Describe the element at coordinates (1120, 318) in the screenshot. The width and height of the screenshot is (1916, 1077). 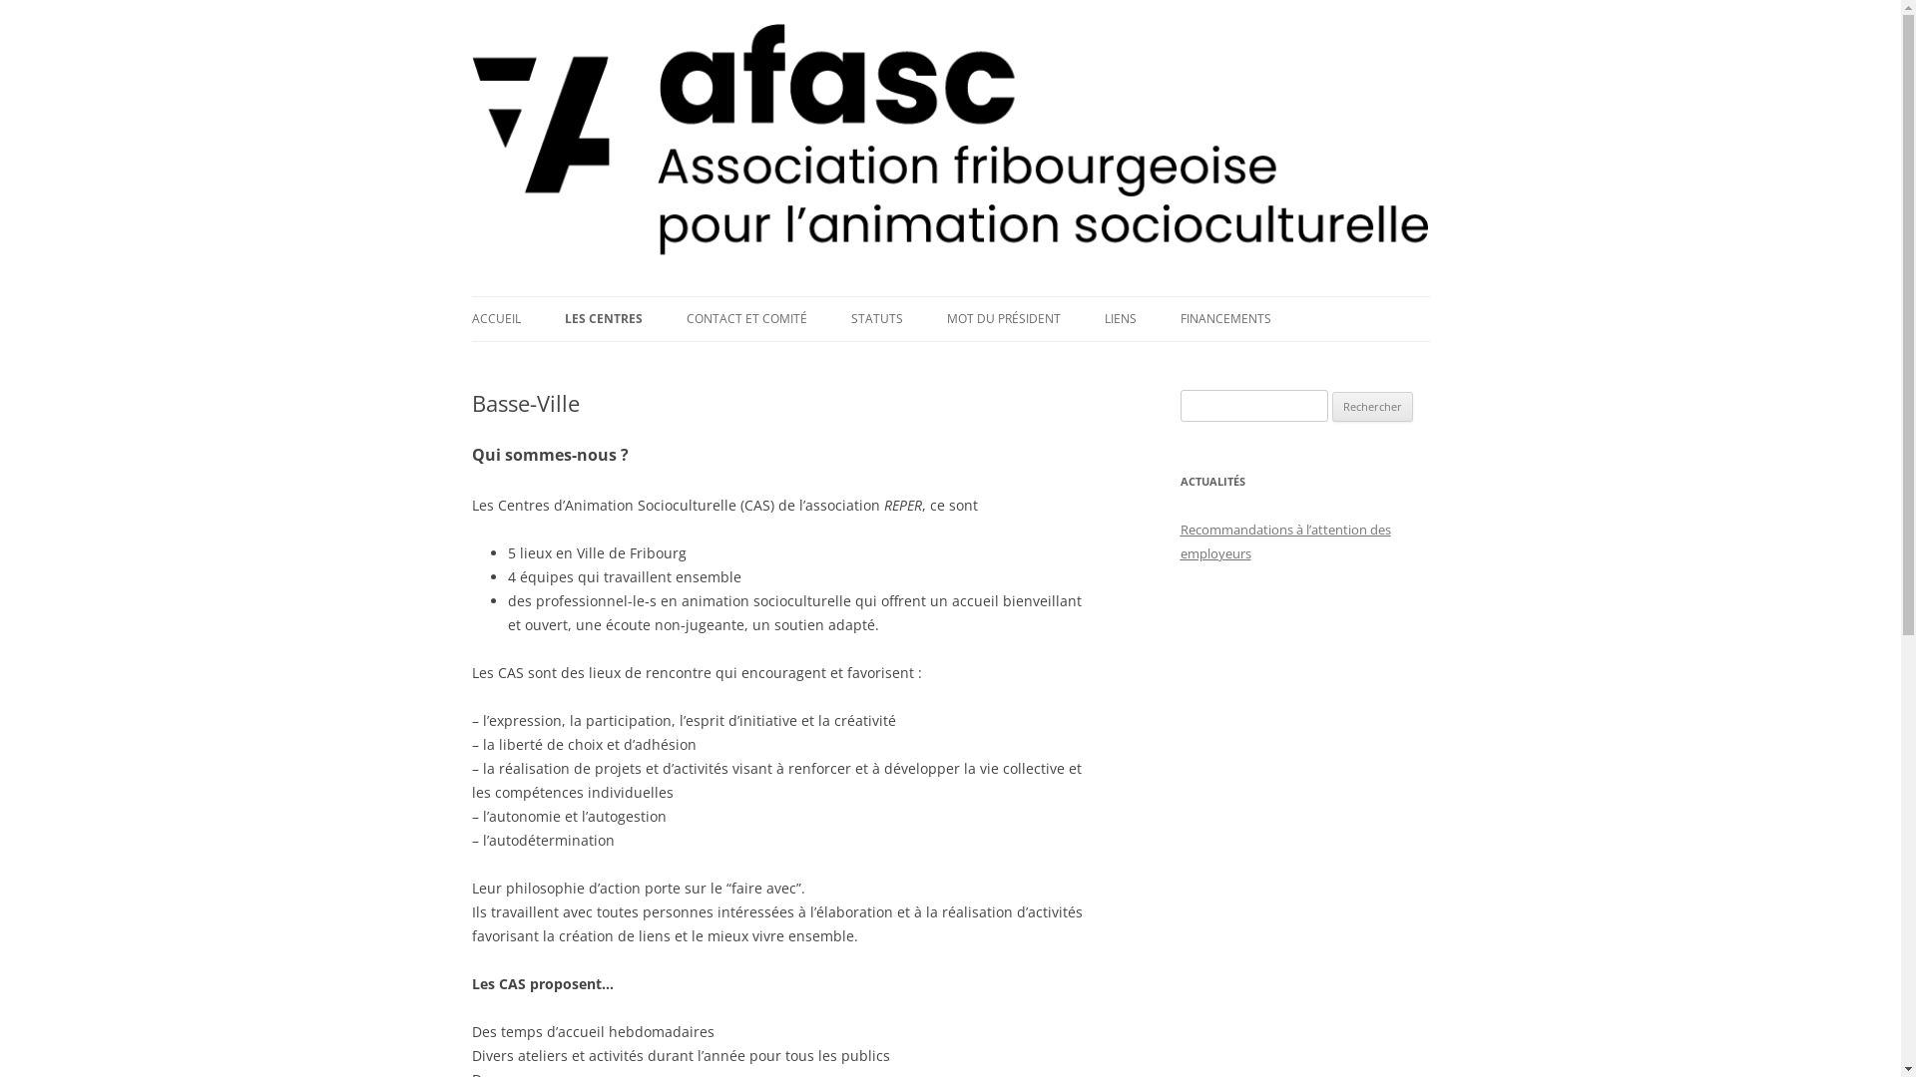
I see `'LIENS'` at that location.